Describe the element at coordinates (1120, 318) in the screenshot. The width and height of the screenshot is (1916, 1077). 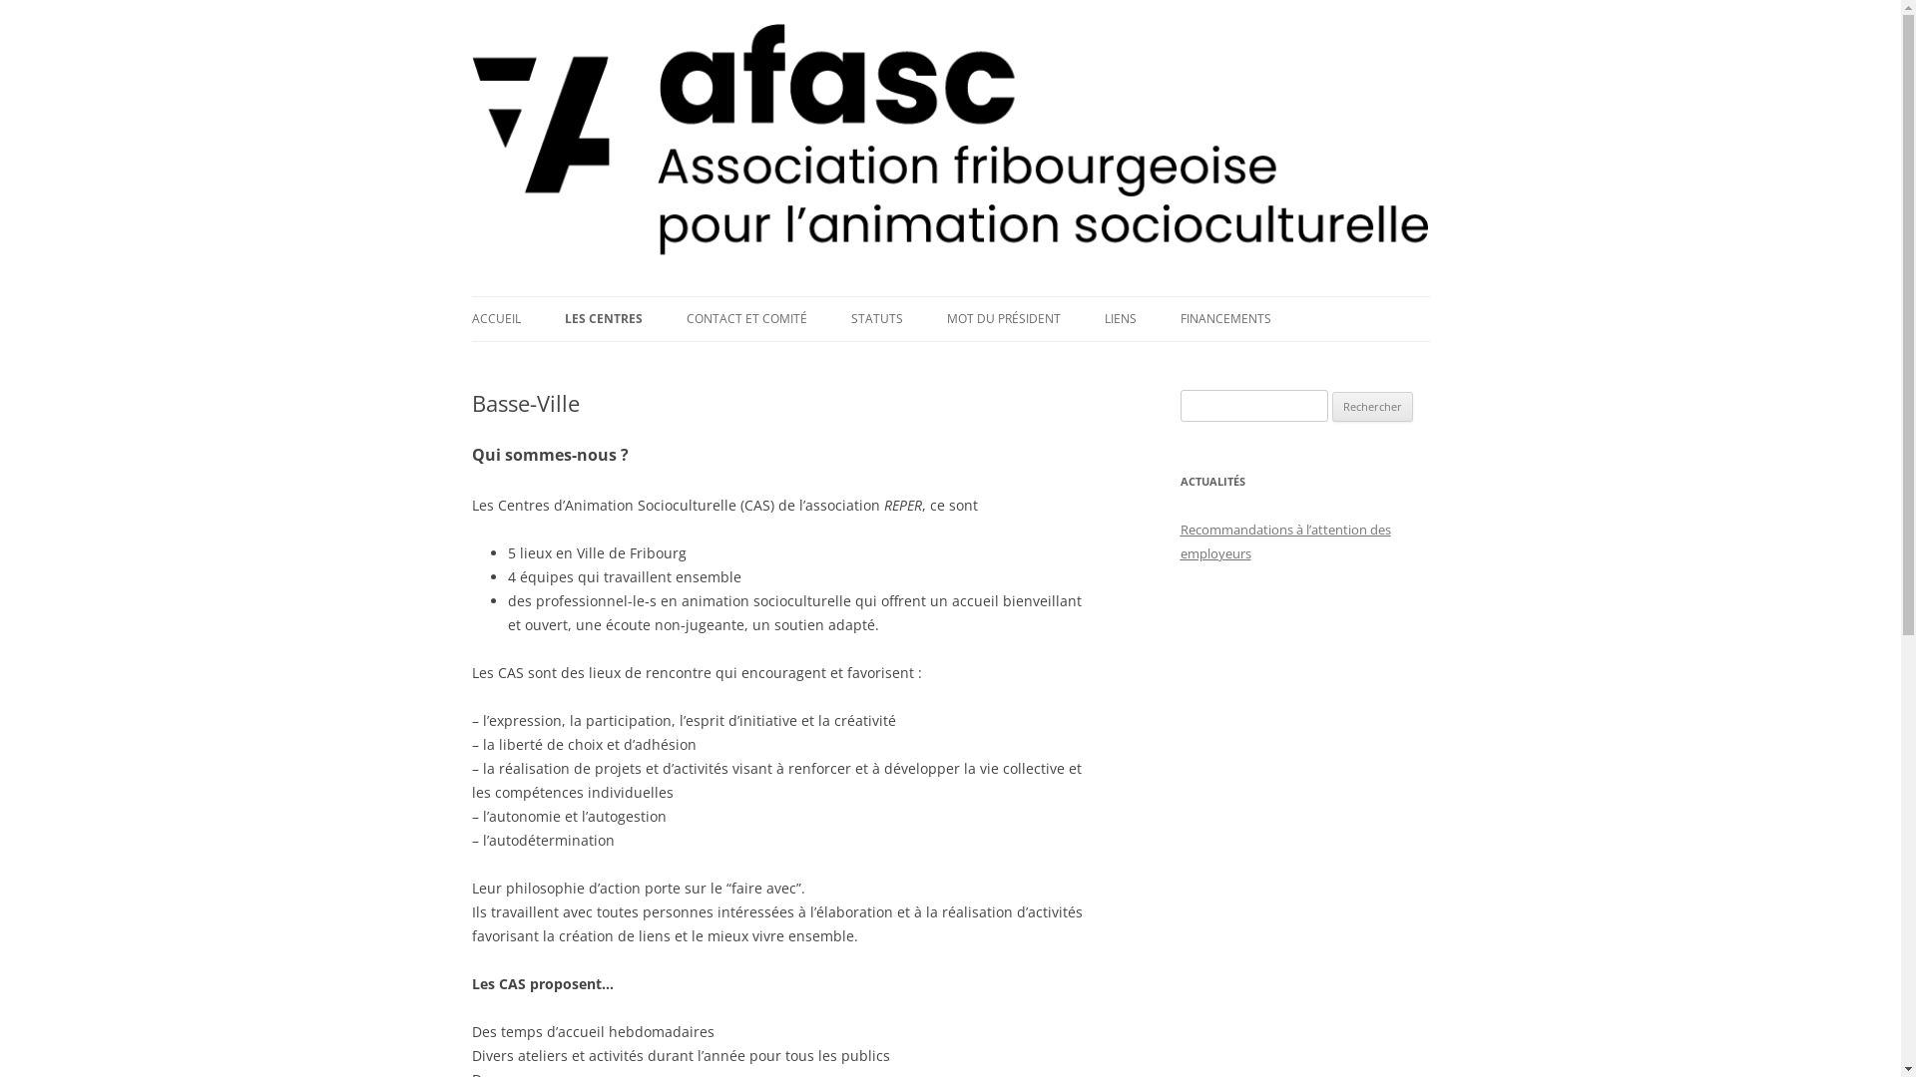
I see `'LIENS'` at that location.